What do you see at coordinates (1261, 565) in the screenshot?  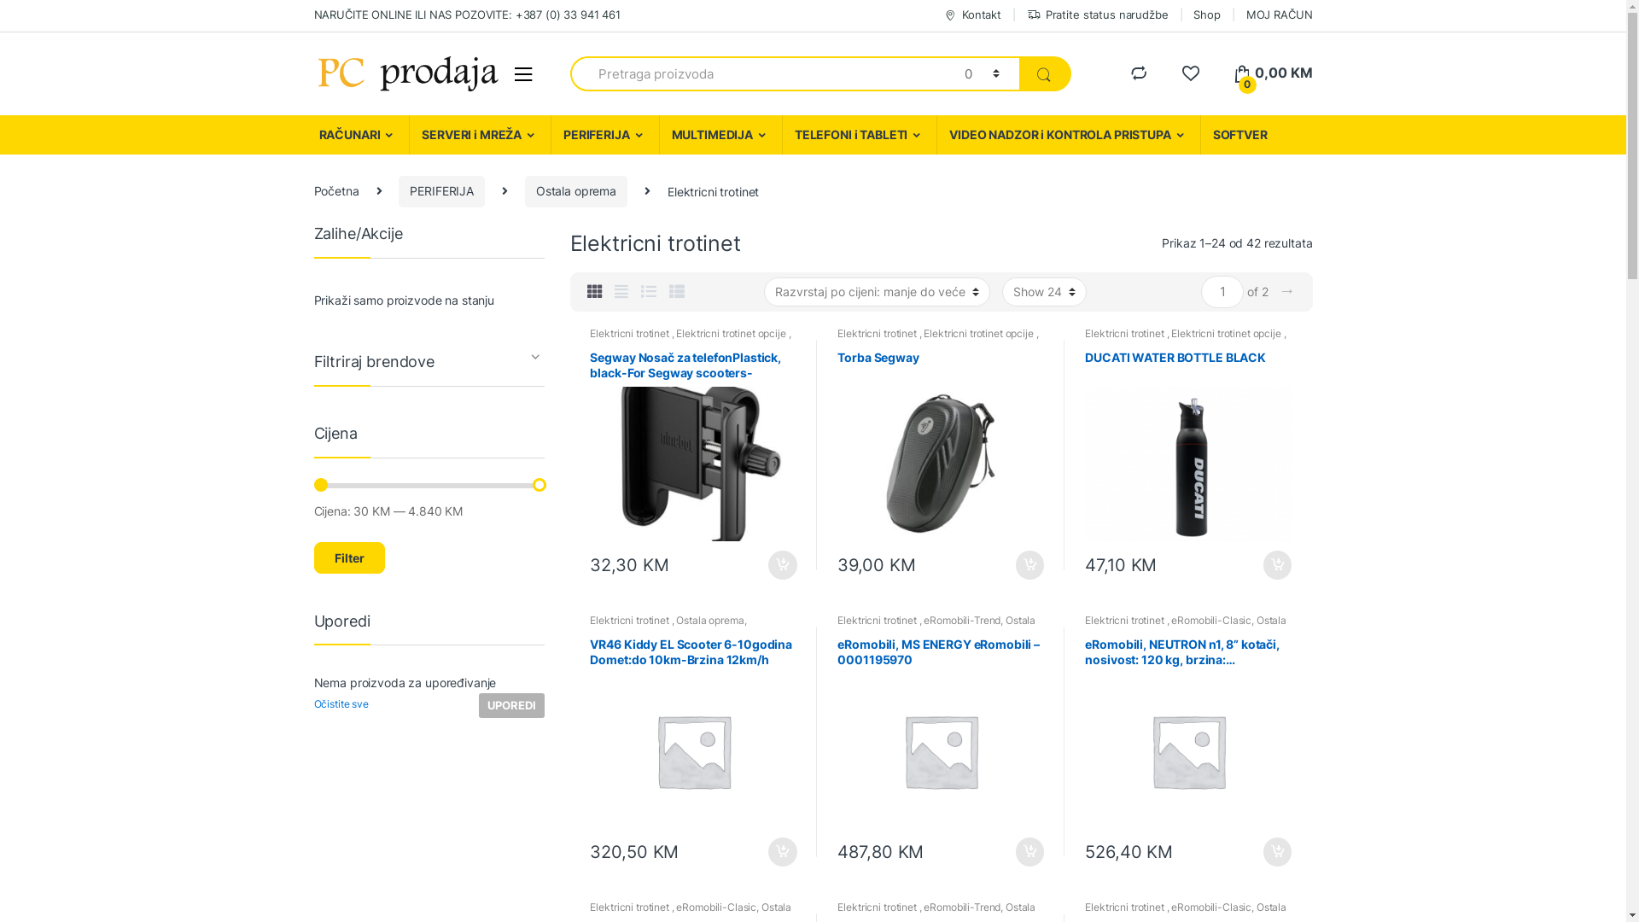 I see `'Dodaj u korpu'` at bounding box center [1261, 565].